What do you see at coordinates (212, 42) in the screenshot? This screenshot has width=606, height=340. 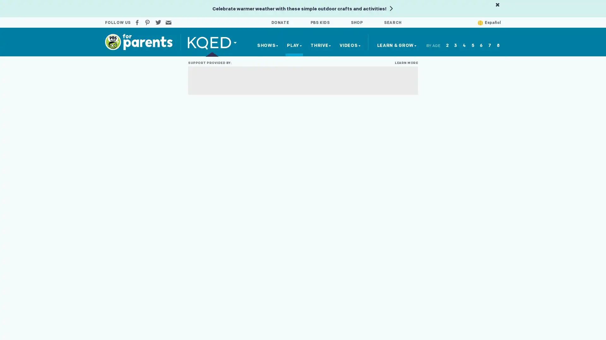 I see `KQED.` at bounding box center [212, 42].